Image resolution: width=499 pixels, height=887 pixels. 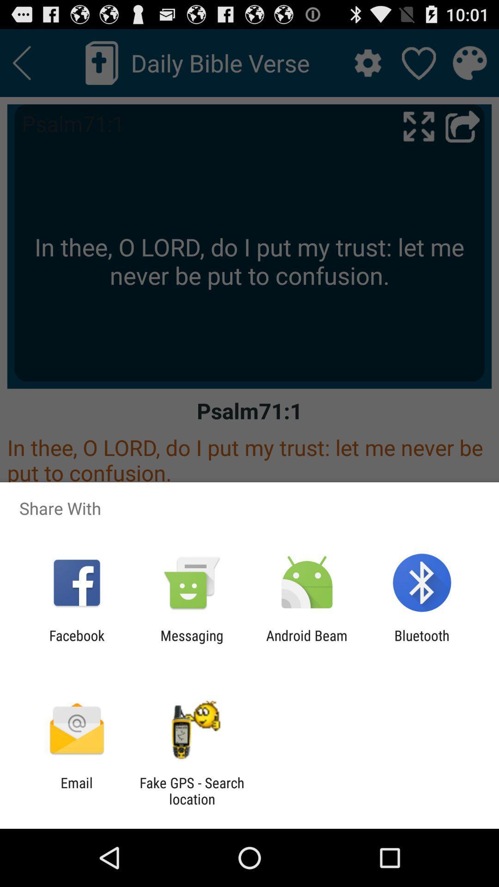 I want to click on the icon to the left of the bluetooth item, so click(x=307, y=643).